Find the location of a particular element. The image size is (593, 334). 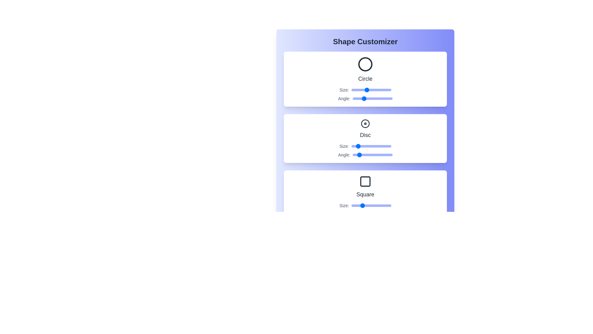

the Circle's angle slider to 218 degrees is located at coordinates (376, 98).